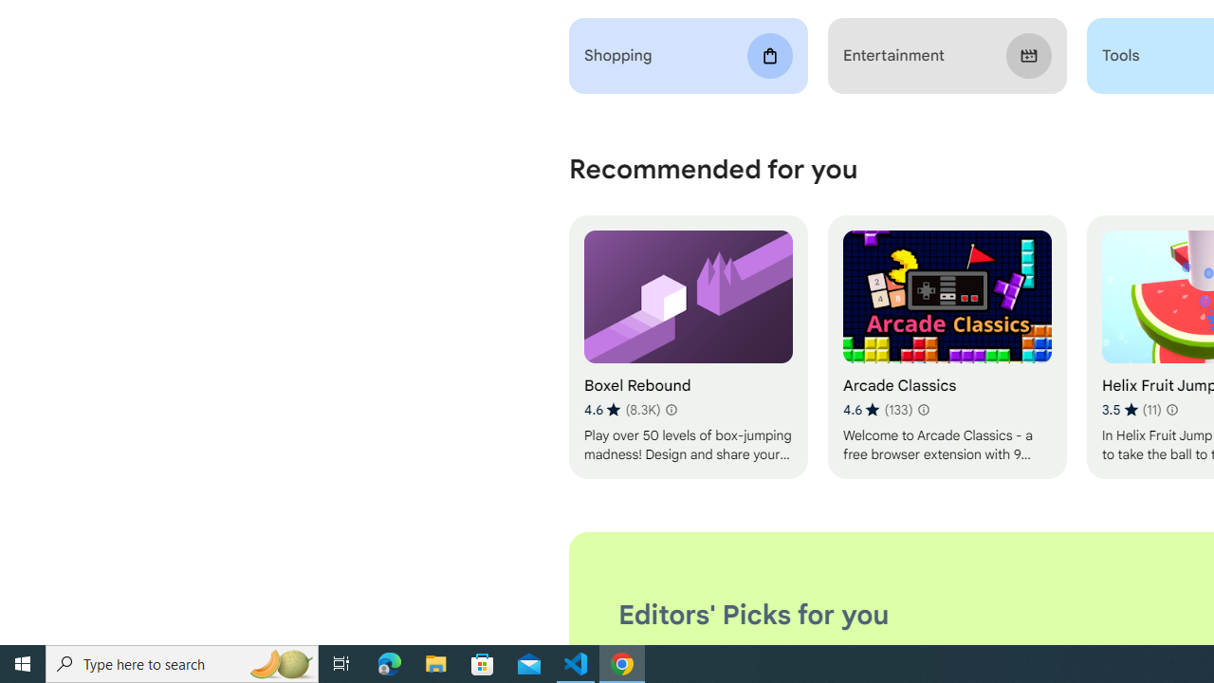 This screenshot has height=683, width=1214. I want to click on 'File Explorer', so click(435, 662).